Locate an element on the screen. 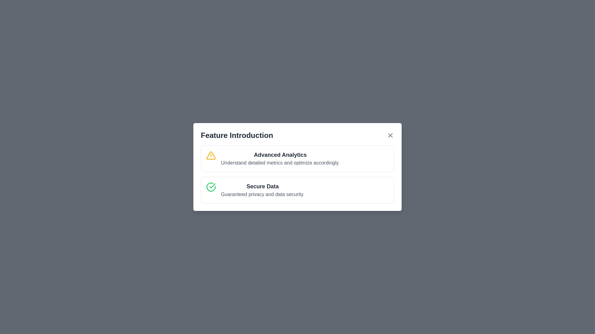 Image resolution: width=595 pixels, height=334 pixels. the informational Text Label located in the second card under the 'Secure Data' title, which provides additional context about the feature is located at coordinates (262, 194).